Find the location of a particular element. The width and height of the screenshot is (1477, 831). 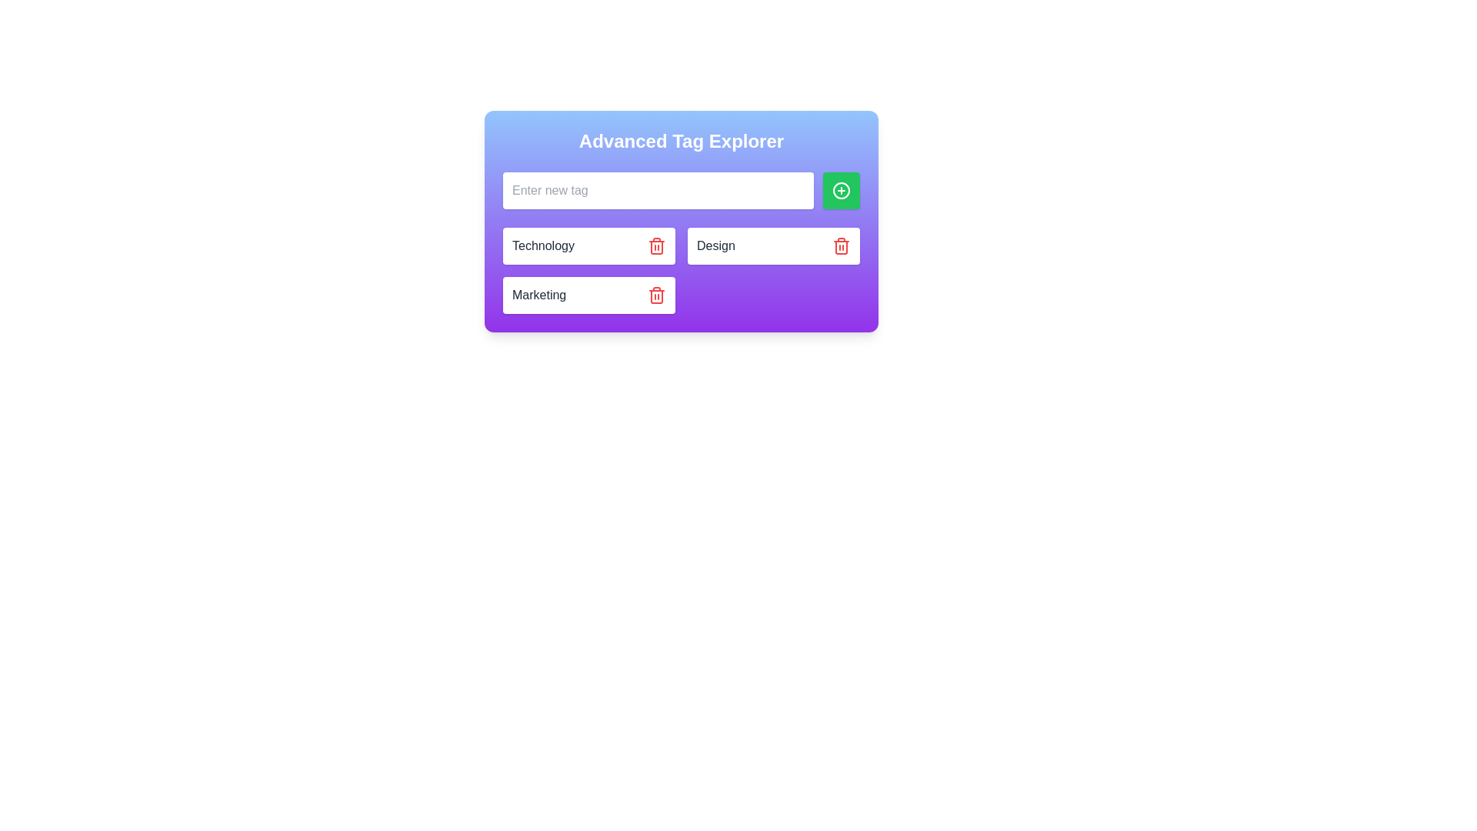

the interactive button located in the top-right corner of the input field box under the 'Advanced Tag Explorer' header is located at coordinates (841, 189).